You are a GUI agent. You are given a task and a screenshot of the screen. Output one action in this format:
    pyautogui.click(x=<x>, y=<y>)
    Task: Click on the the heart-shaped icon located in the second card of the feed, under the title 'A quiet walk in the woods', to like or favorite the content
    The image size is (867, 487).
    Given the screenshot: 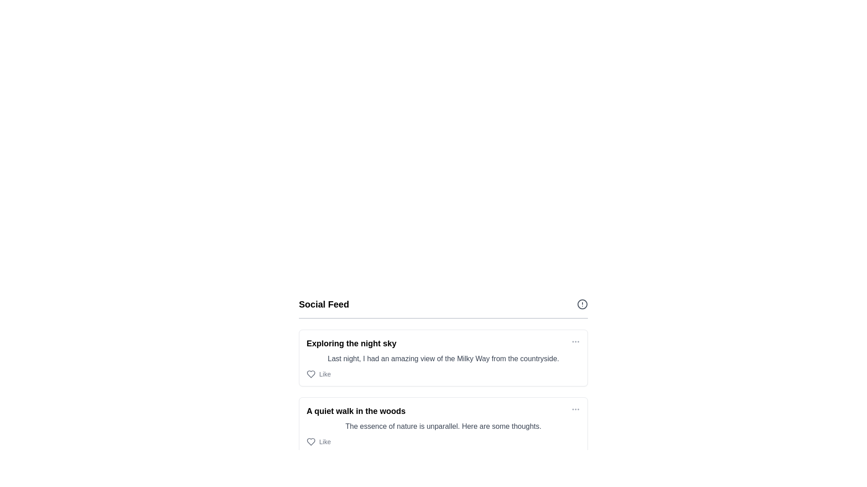 What is the action you would take?
    pyautogui.click(x=311, y=441)
    